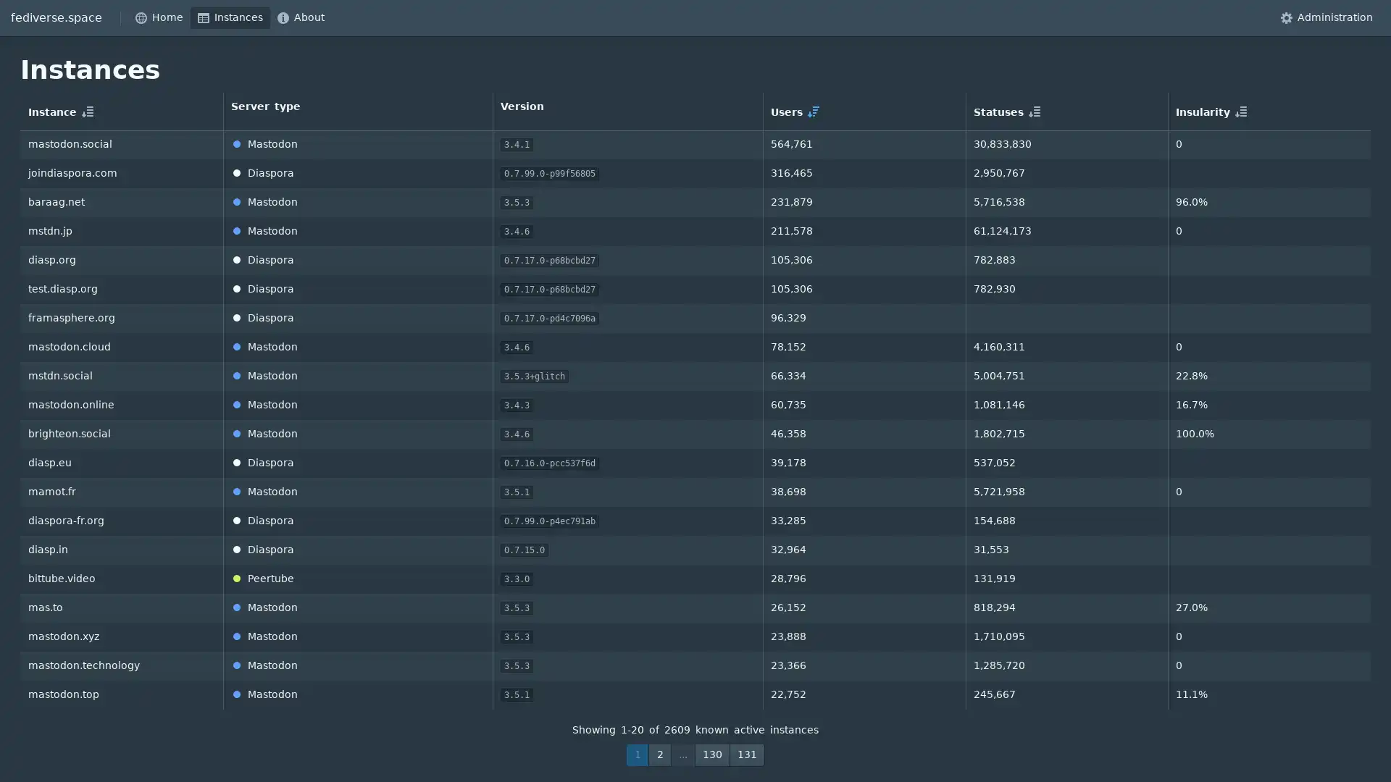 This screenshot has height=782, width=1391. What do you see at coordinates (637, 754) in the screenshot?
I see `1` at bounding box center [637, 754].